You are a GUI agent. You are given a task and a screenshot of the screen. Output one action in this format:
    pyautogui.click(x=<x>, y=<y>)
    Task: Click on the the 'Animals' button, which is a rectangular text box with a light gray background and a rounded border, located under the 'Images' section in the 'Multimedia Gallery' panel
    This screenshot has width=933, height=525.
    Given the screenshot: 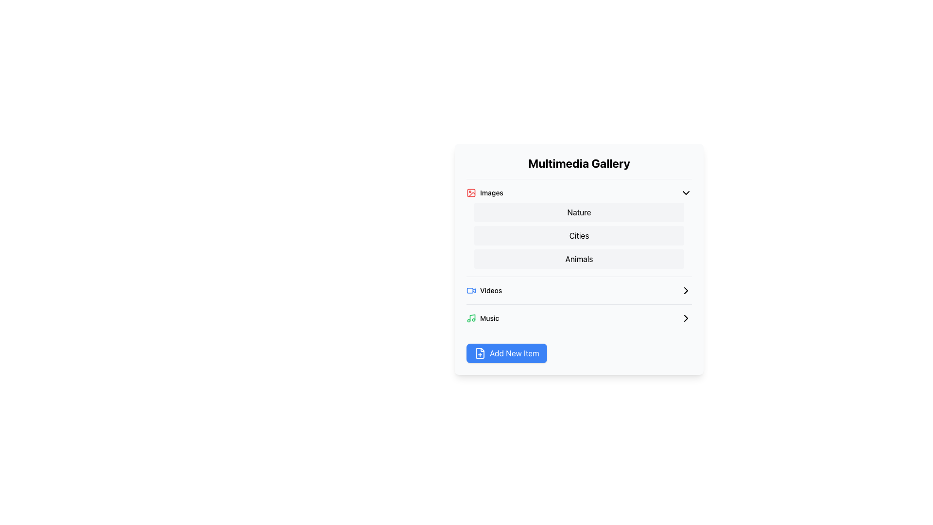 What is the action you would take?
    pyautogui.click(x=579, y=258)
    